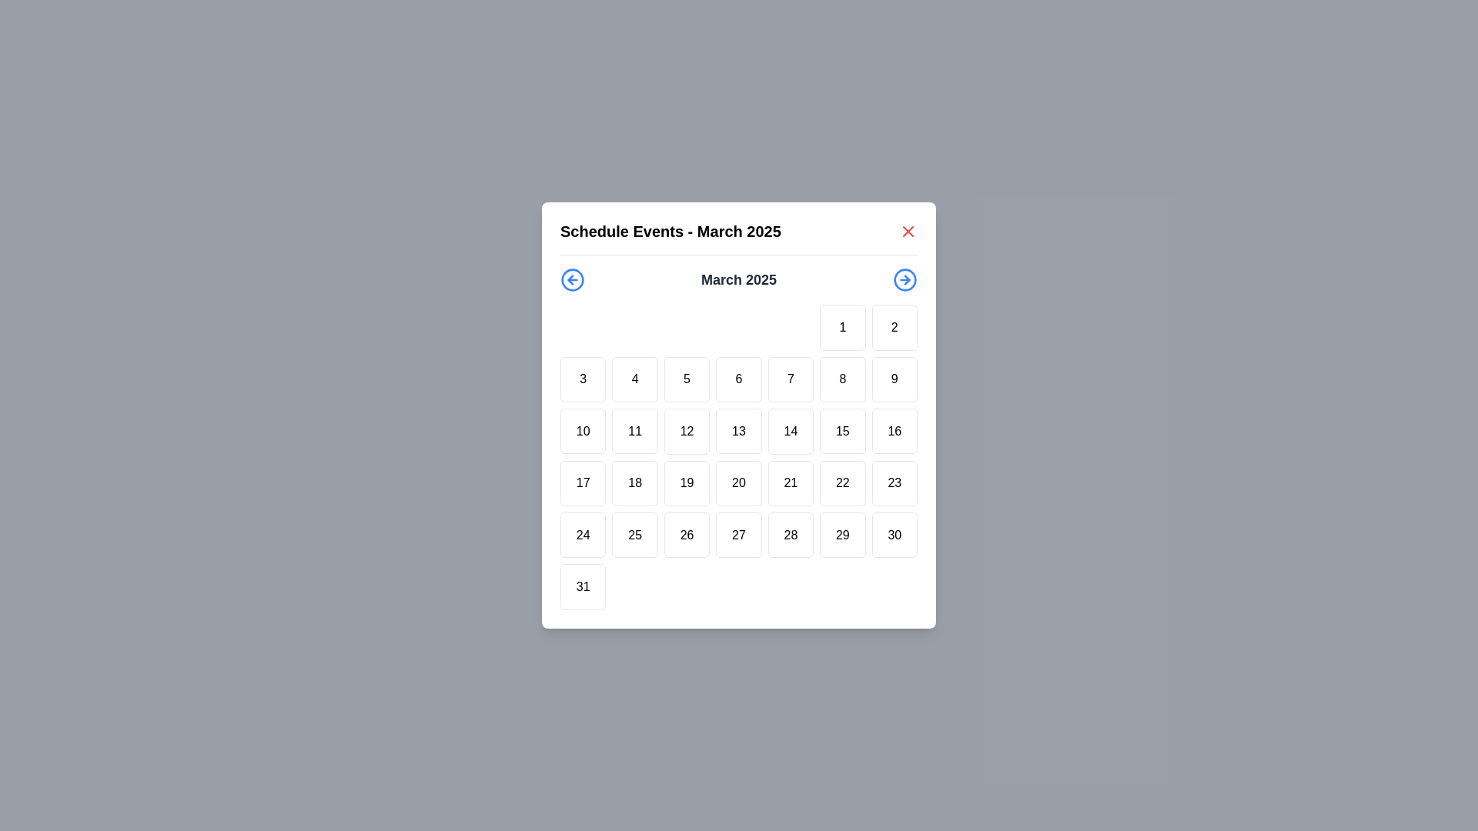  I want to click on the blank calendar cell located in the first row and fifth box of the calendar grid layout, so click(791, 326).